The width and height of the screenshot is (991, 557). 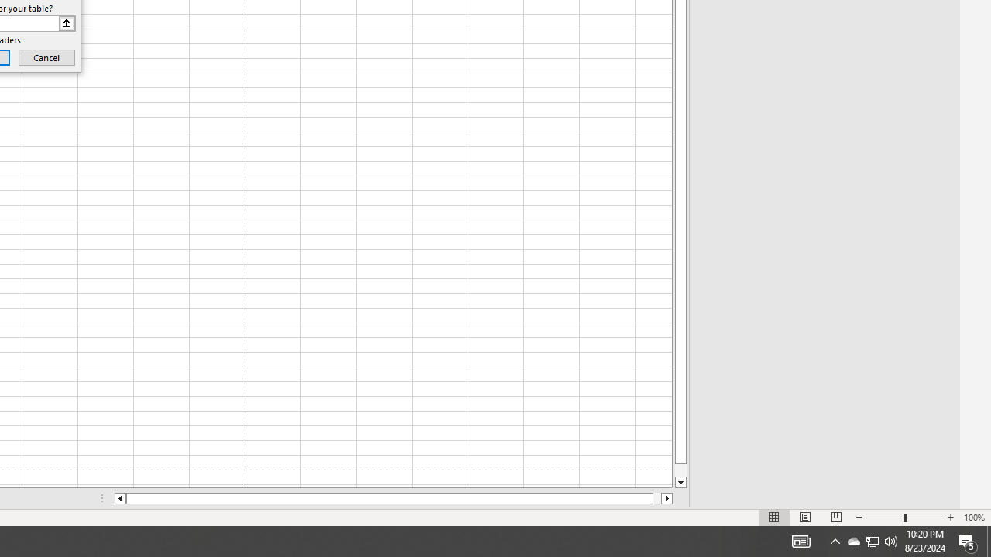 What do you see at coordinates (393, 498) in the screenshot?
I see `'Class: NetUIScrollBar'` at bounding box center [393, 498].